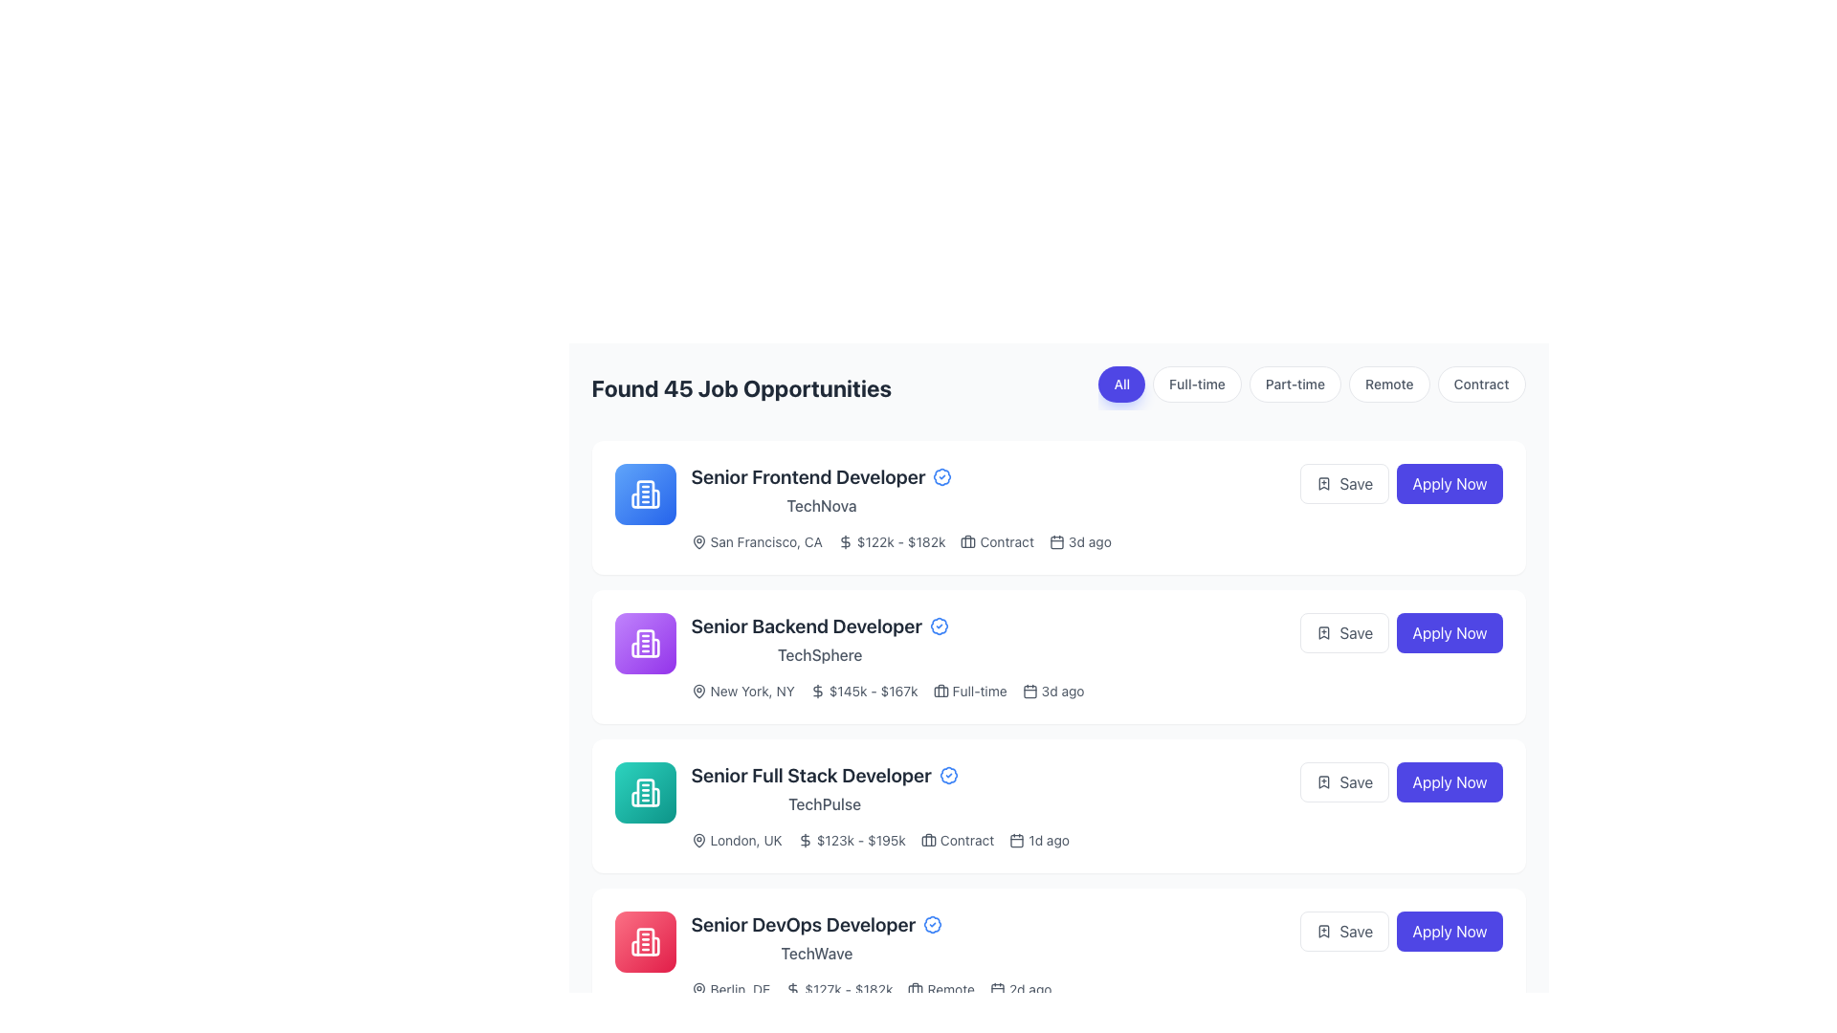 This screenshot has width=1837, height=1033. Describe the element at coordinates (816, 953) in the screenshot. I see `the 'TechWave' text label, which is styled in medium-sized gray font and positioned below the 'Senior DevOps Developer' title in the job card` at that location.